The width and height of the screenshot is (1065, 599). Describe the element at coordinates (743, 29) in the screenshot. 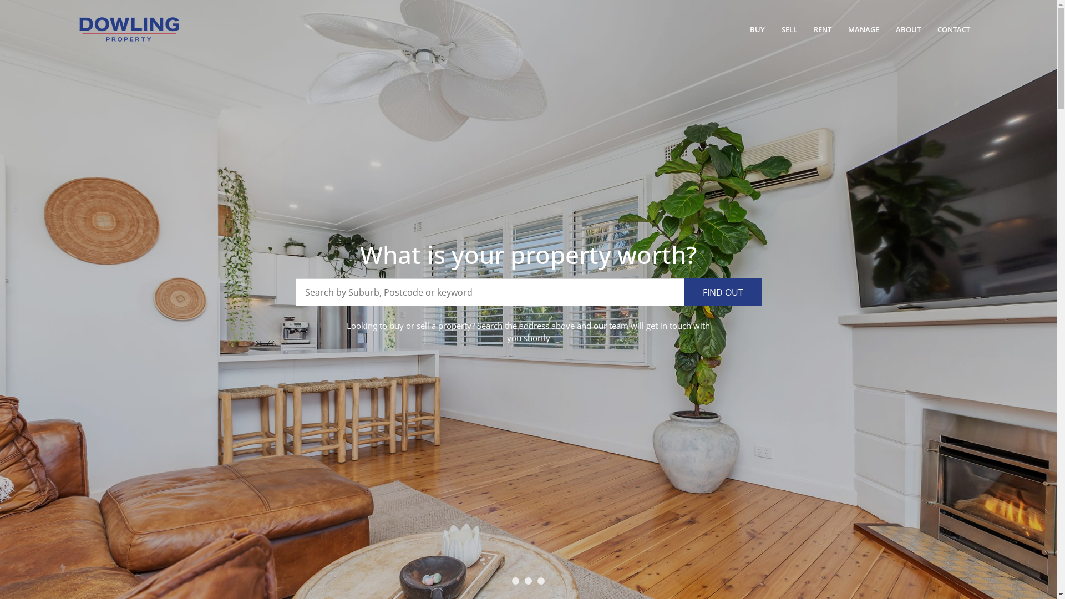

I see `'BUY'` at that location.